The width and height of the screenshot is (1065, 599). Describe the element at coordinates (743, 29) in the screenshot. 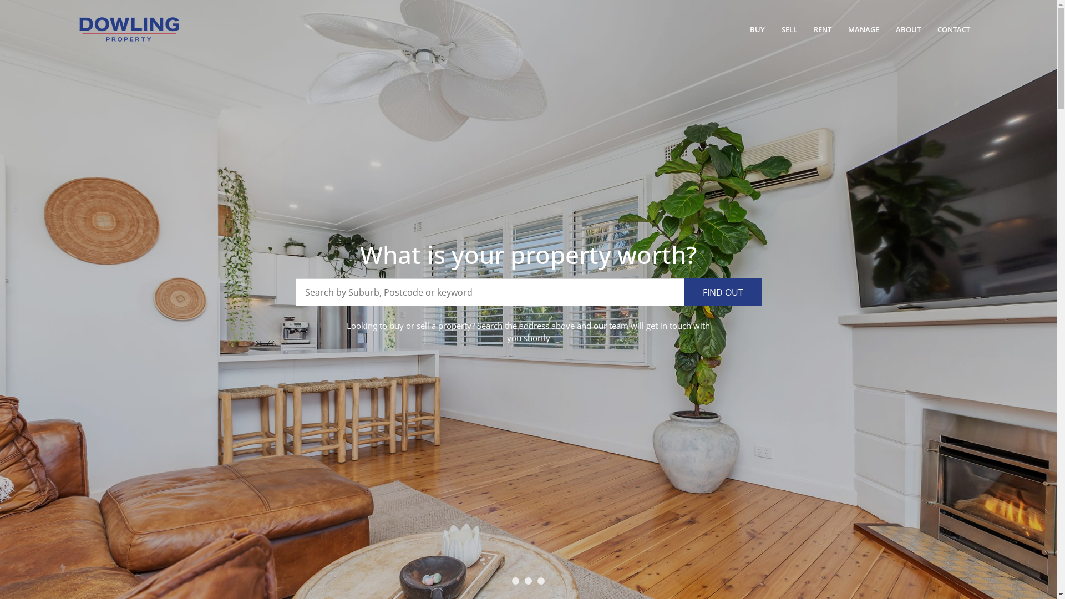

I see `'BUY'` at that location.